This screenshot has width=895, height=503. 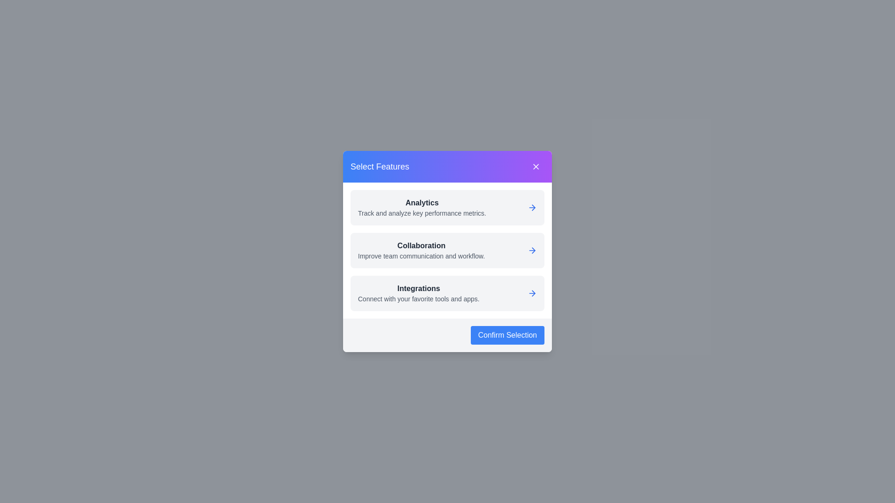 I want to click on the feature card labeled Integrations, so click(x=447, y=292).